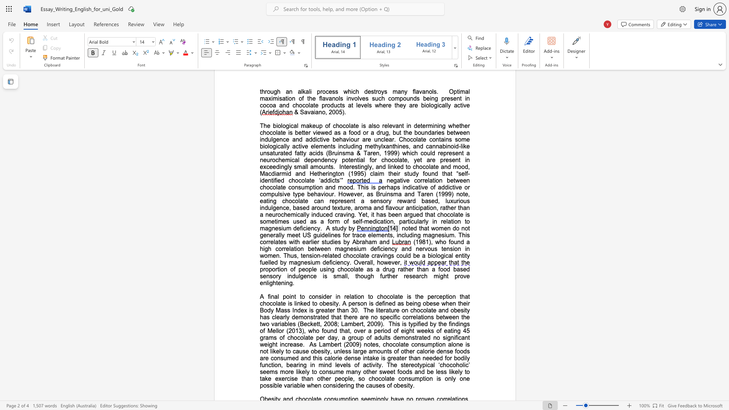  What do you see at coordinates (413, 310) in the screenshot?
I see `the subset text "hocolate and obesit" within the text "The literature on chocolate and obesity has clearly"` at bounding box center [413, 310].